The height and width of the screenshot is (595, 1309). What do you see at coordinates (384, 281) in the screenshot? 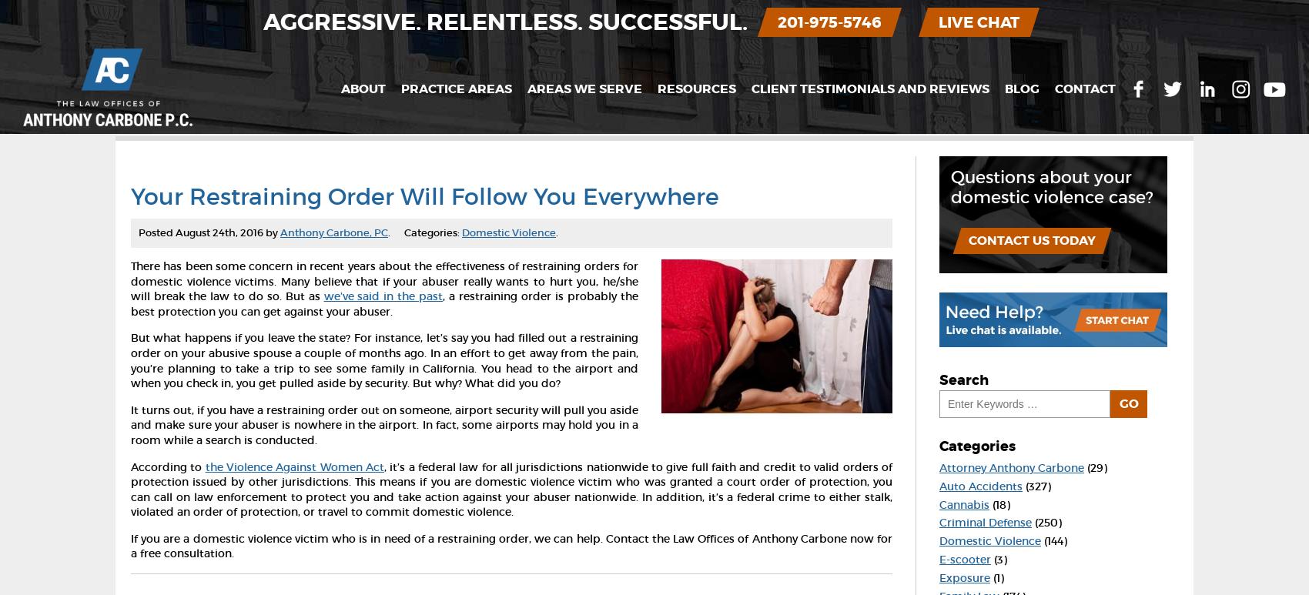
I see `'There has been some concern in recent years about the effectiveness of restraining orders for domestic violence victims. Many believe that if your abuser really wants to hurt you, he/she will break the law to do so. But as'` at bounding box center [384, 281].